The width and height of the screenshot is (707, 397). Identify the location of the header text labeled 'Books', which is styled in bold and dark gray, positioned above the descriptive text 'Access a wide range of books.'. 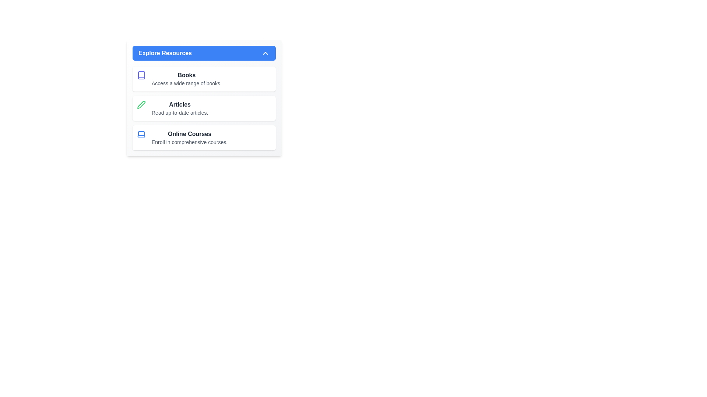
(186, 75).